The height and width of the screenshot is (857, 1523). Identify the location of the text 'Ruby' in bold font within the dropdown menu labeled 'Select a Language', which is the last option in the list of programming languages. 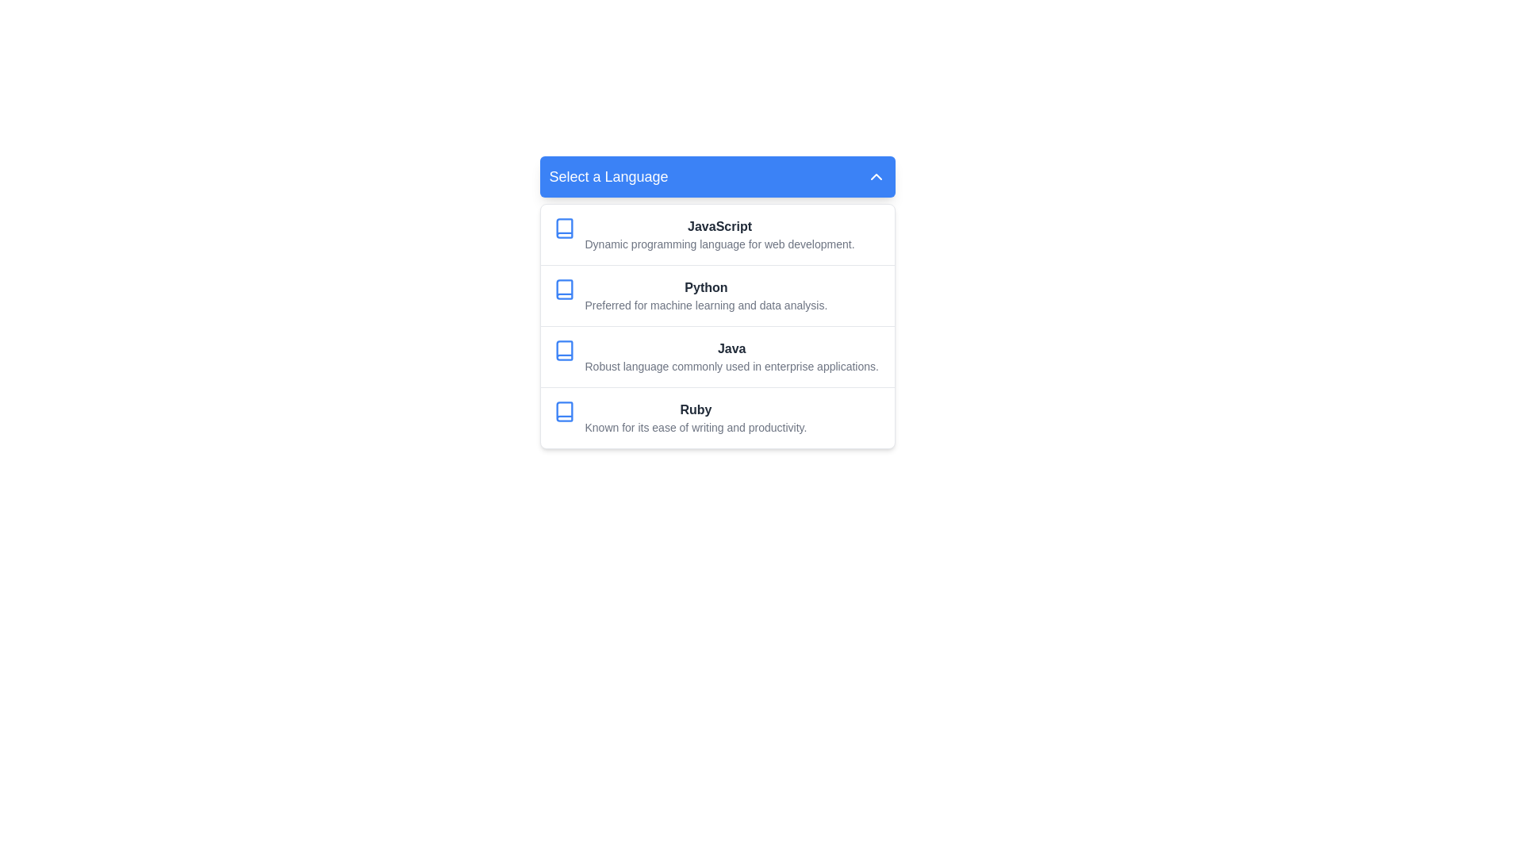
(696, 409).